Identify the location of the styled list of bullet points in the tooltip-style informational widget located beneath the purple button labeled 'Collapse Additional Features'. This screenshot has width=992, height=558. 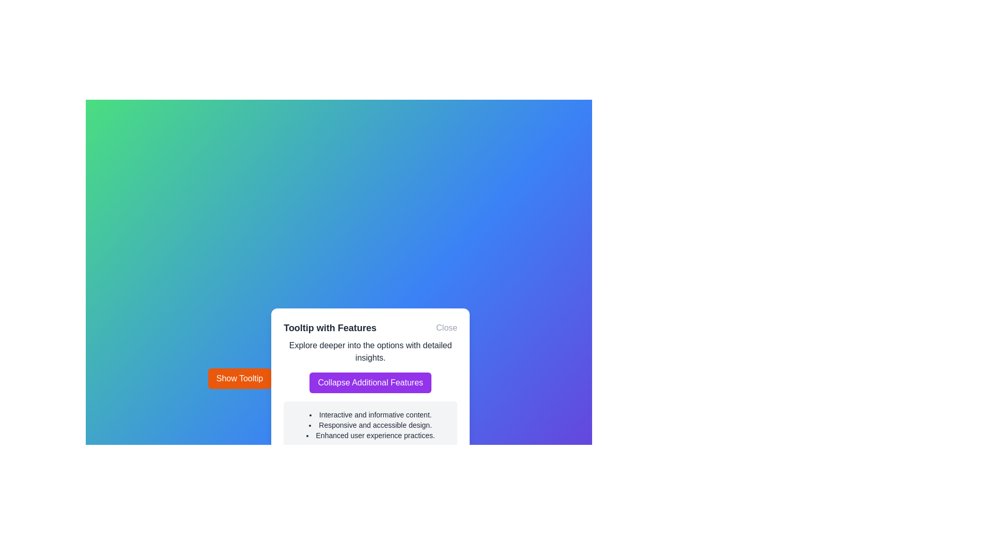
(370, 425).